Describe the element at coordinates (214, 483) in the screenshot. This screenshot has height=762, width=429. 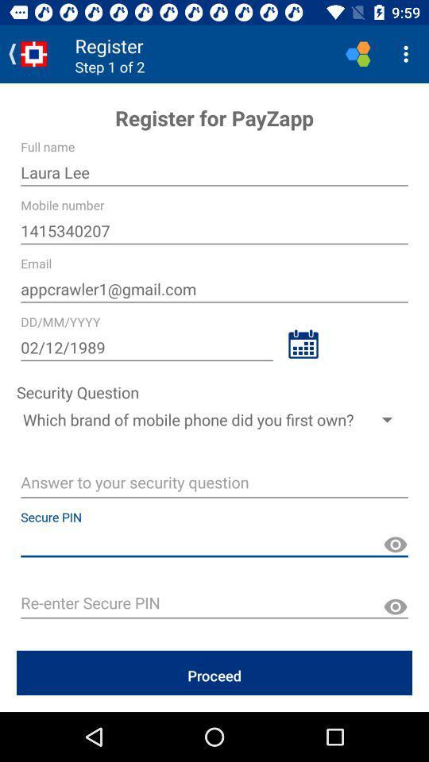
I see `autoplay option` at that location.